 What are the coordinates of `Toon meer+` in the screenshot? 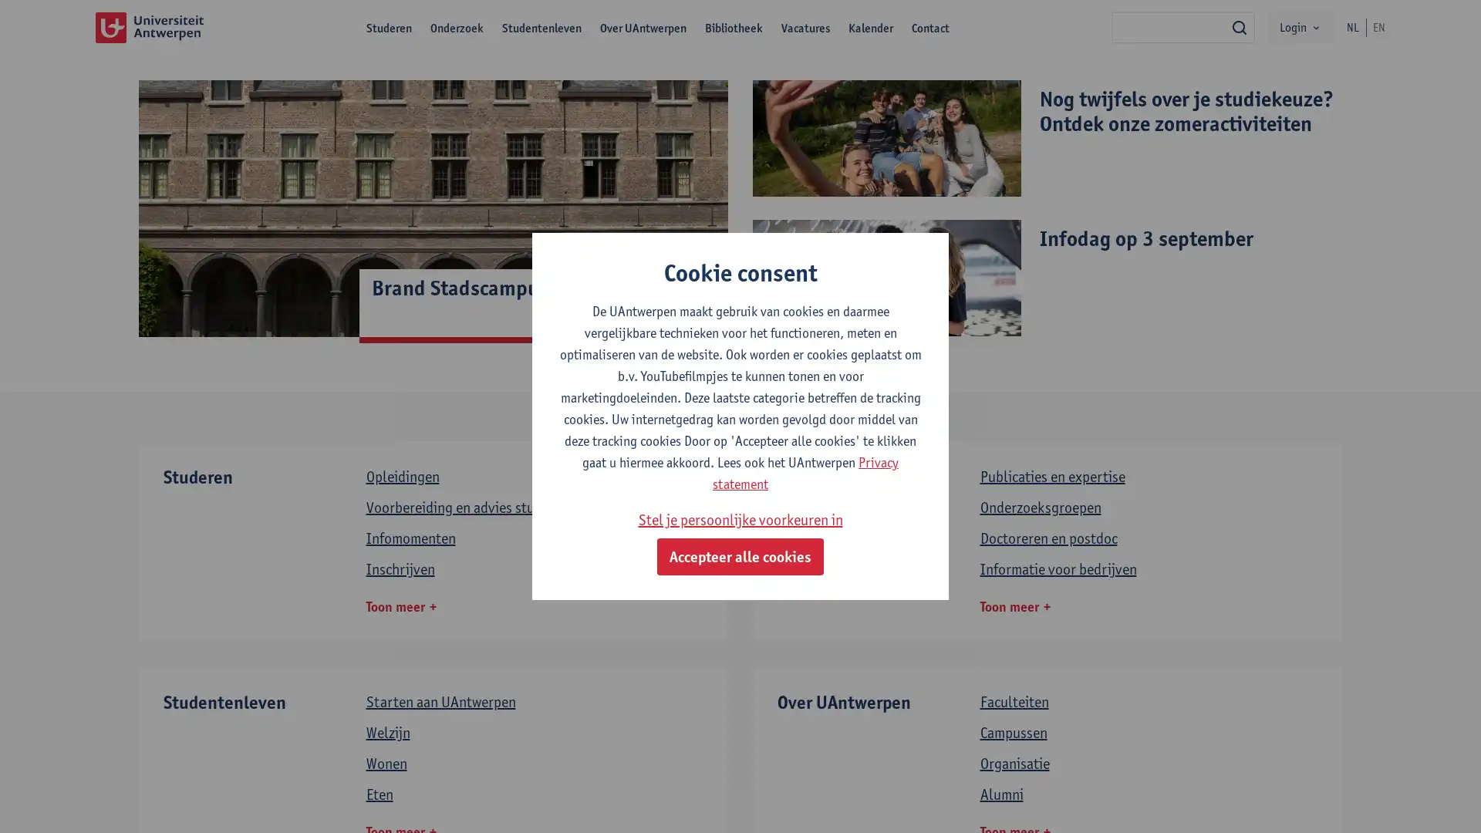 It's located at (1014, 605).